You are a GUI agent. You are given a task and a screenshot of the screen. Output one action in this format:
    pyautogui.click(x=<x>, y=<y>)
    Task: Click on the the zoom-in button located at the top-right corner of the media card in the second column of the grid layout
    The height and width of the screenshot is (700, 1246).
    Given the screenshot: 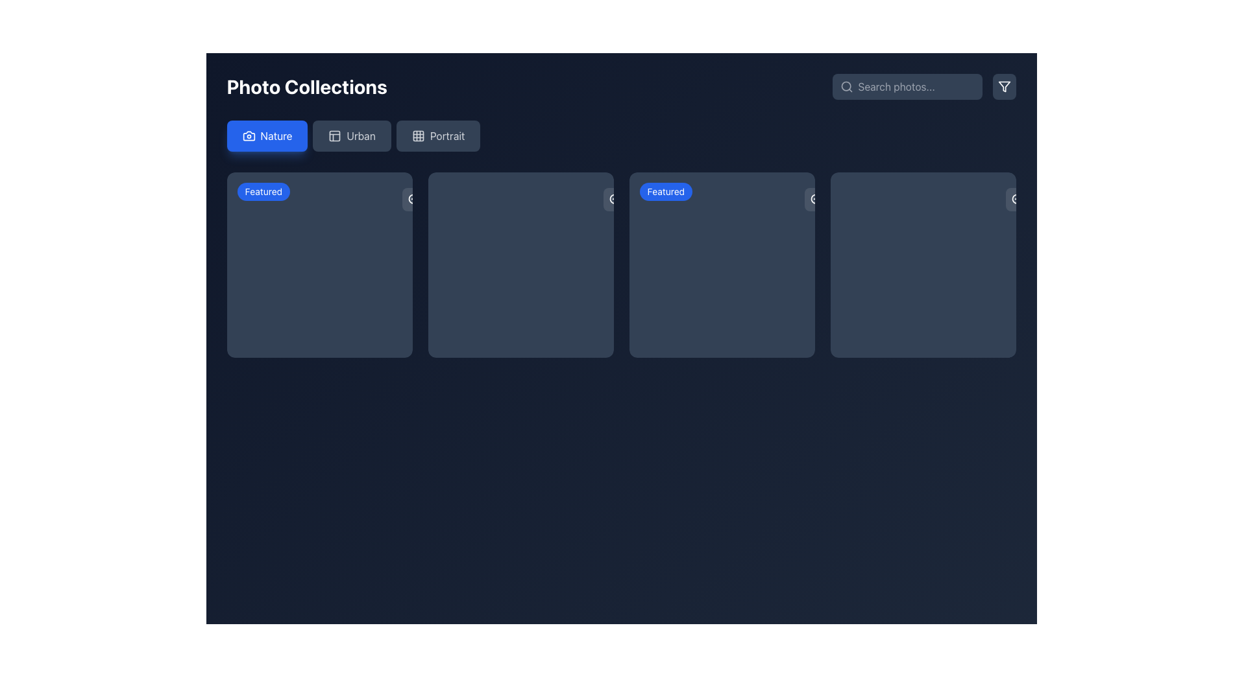 What is the action you would take?
    pyautogui.click(x=614, y=200)
    